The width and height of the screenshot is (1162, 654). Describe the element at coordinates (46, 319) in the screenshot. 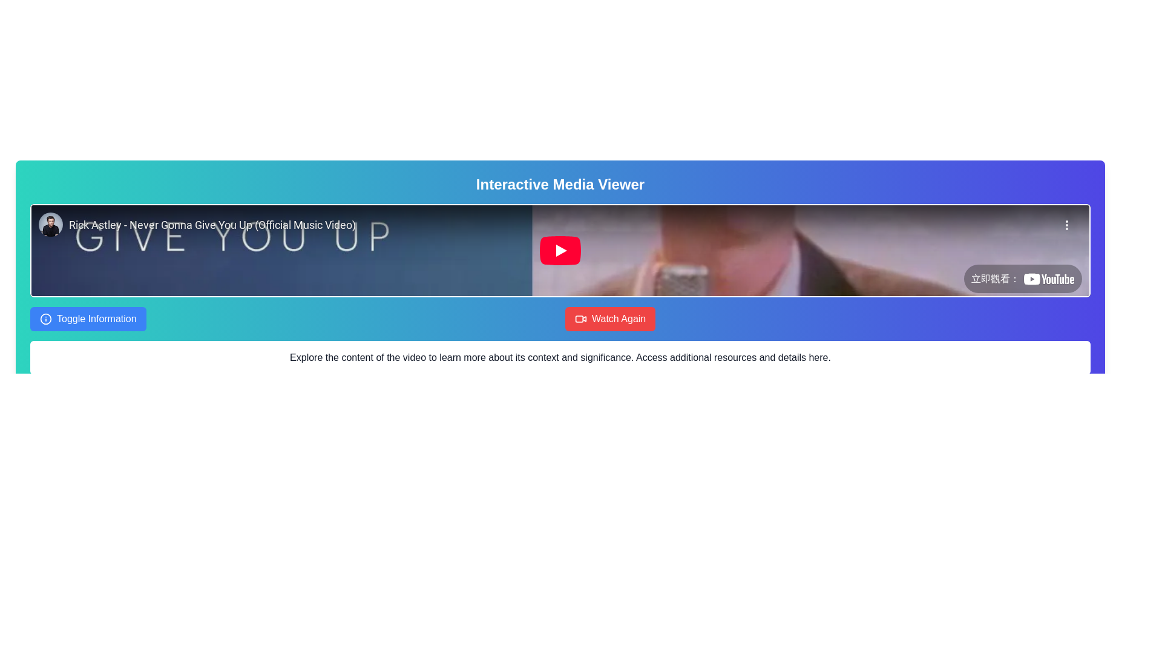

I see `the circular blue information icon with an outlined 'i' symbol located to the left of the 'Toggle Information' button` at that location.